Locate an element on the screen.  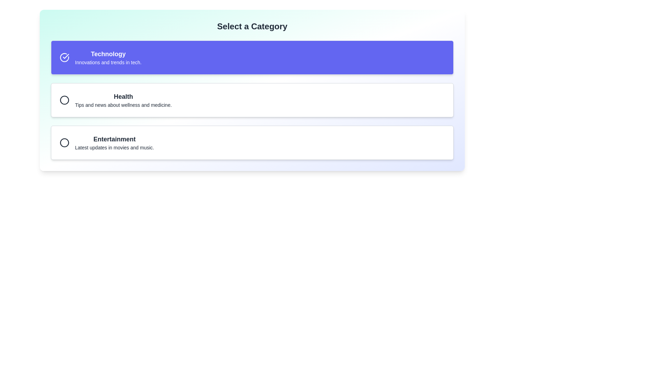
the checkmark icon inside a circular outline located to the left of the 'Technology' category selection panel is located at coordinates (66, 56).